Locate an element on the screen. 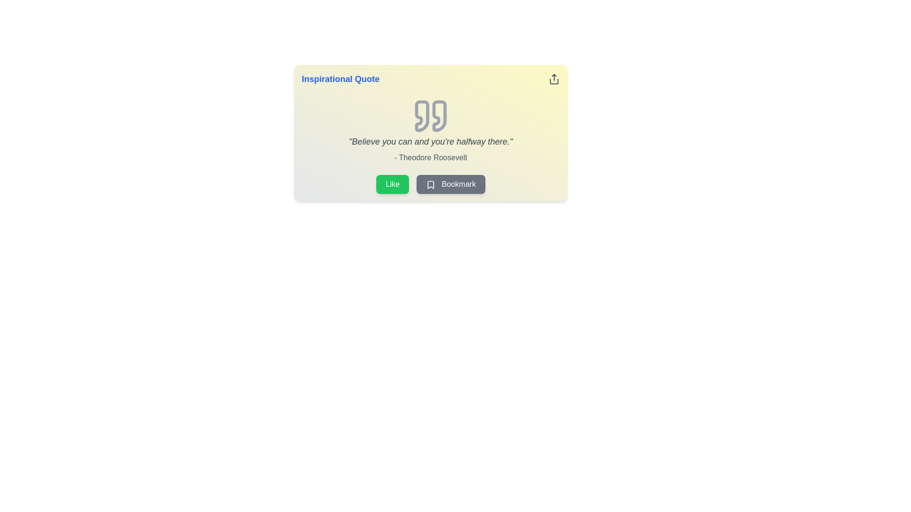 This screenshot has height=512, width=911. the rightmost closing quotation mark within the stylized SVG graphic icon, which is displayed in muted gray, positioned centrally above the quote text and author attribution is located at coordinates (439, 116).